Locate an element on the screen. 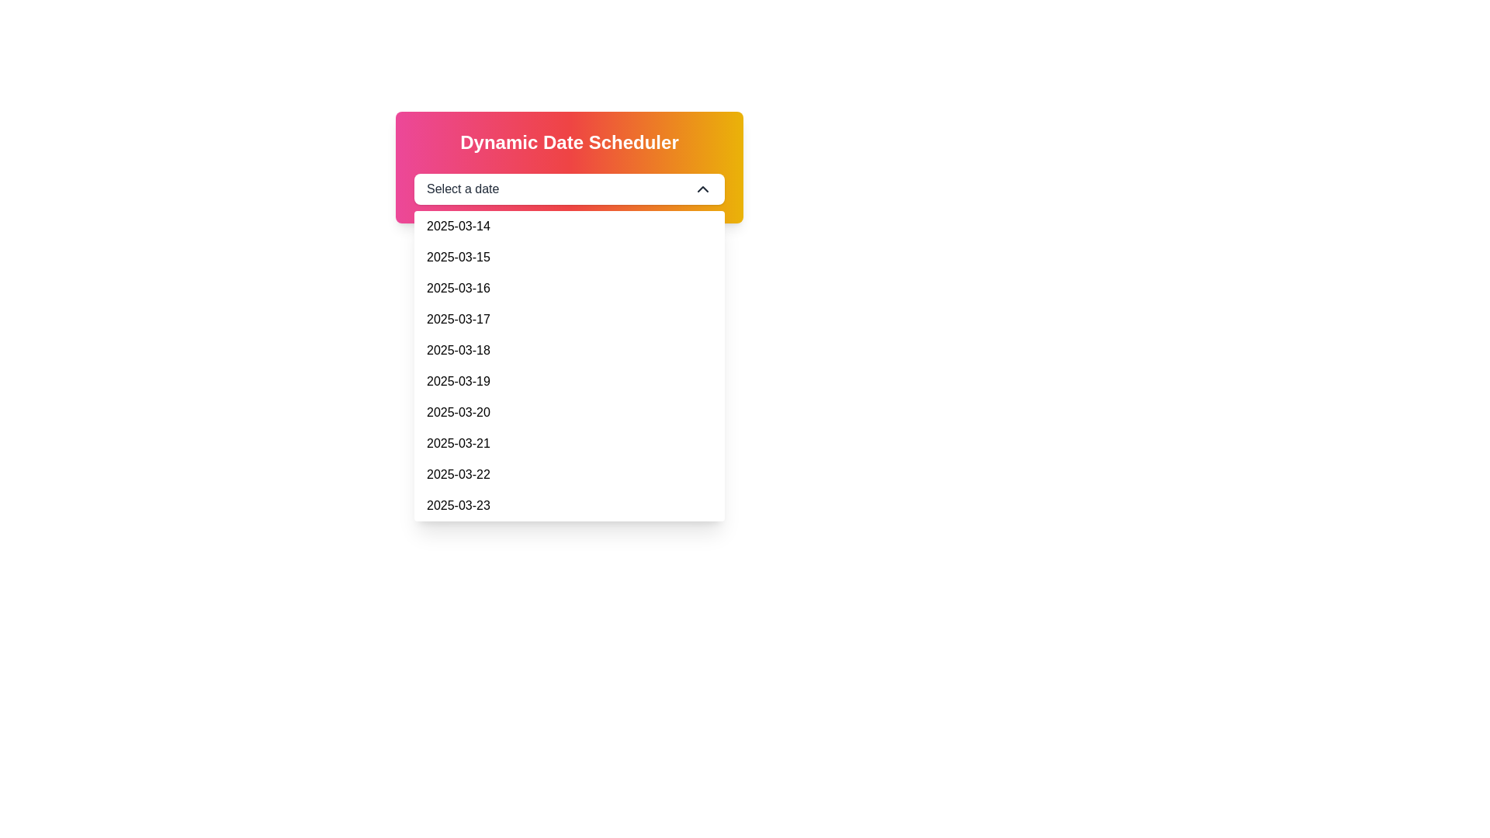 This screenshot has height=838, width=1490. the dropdown list item representing the date '2025-03-16' is located at coordinates (457, 288).